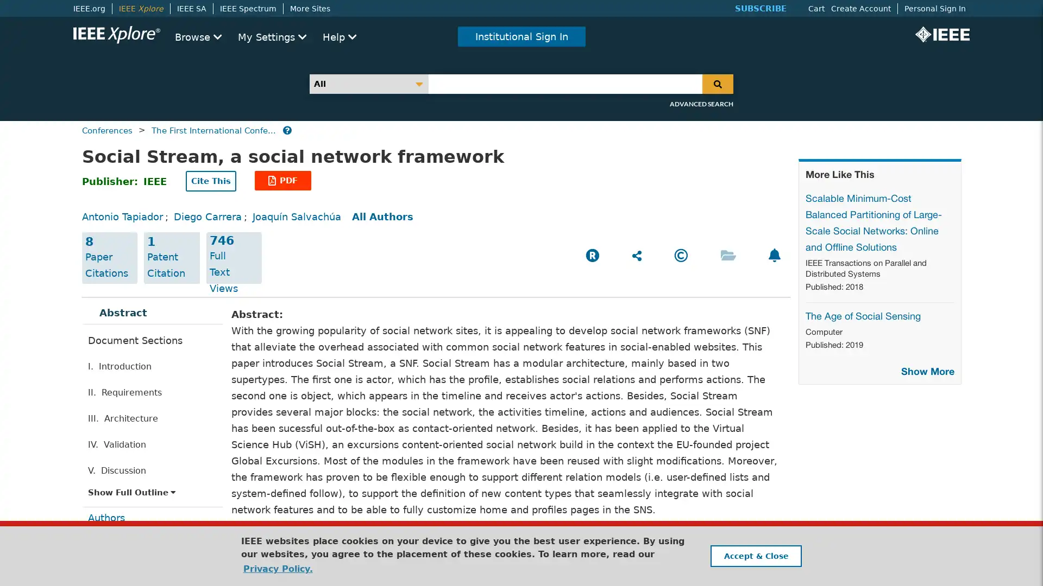 This screenshot has width=1043, height=586. I want to click on Show Full Outline, so click(131, 492).